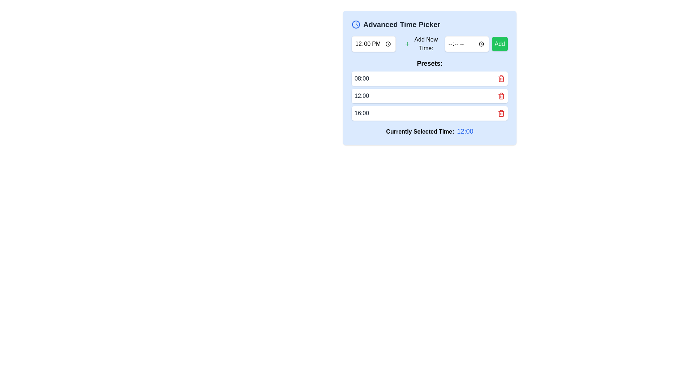 This screenshot has width=694, height=390. What do you see at coordinates (501, 96) in the screenshot?
I see `the delete icon button located at the far right of the card containing the time entry '12:00'` at bounding box center [501, 96].